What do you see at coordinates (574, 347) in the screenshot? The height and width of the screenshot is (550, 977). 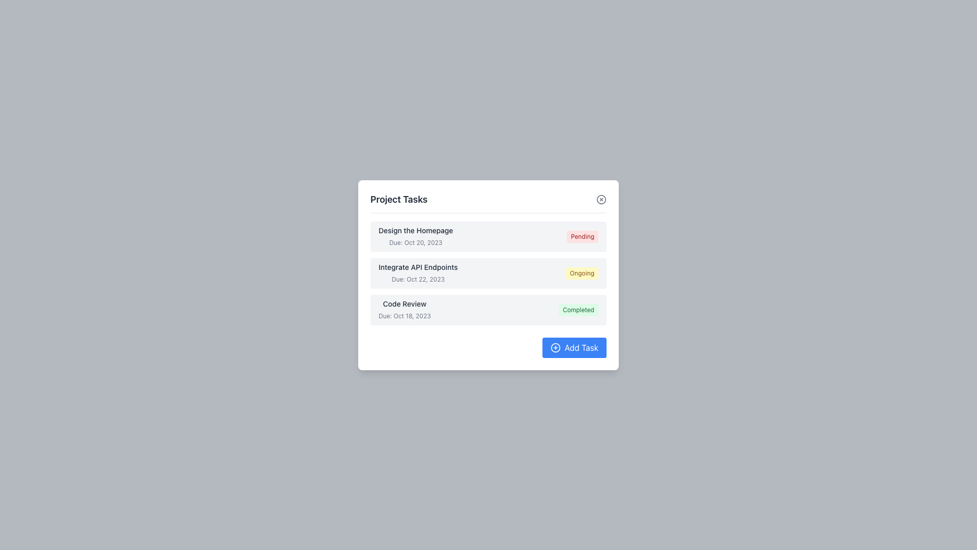 I see `the blue 'Add Task' button with white text and a plus icon, located at the bottom right corner of the 'Project Tasks' panel to observe hover changes` at bounding box center [574, 347].